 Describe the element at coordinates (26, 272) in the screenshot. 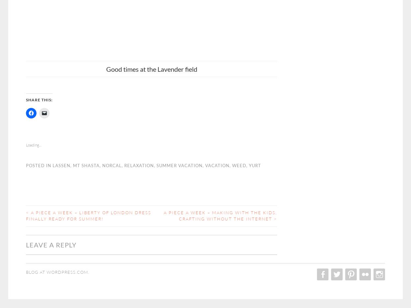

I see `'Blog at WordPress.com.'` at that location.